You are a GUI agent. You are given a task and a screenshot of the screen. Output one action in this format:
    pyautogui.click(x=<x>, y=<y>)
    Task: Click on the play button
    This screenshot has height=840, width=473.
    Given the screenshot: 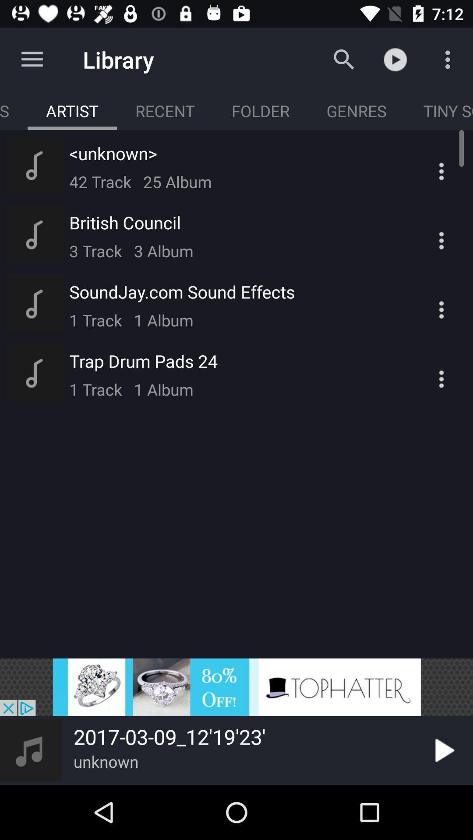 What is the action you would take?
    pyautogui.click(x=443, y=750)
    